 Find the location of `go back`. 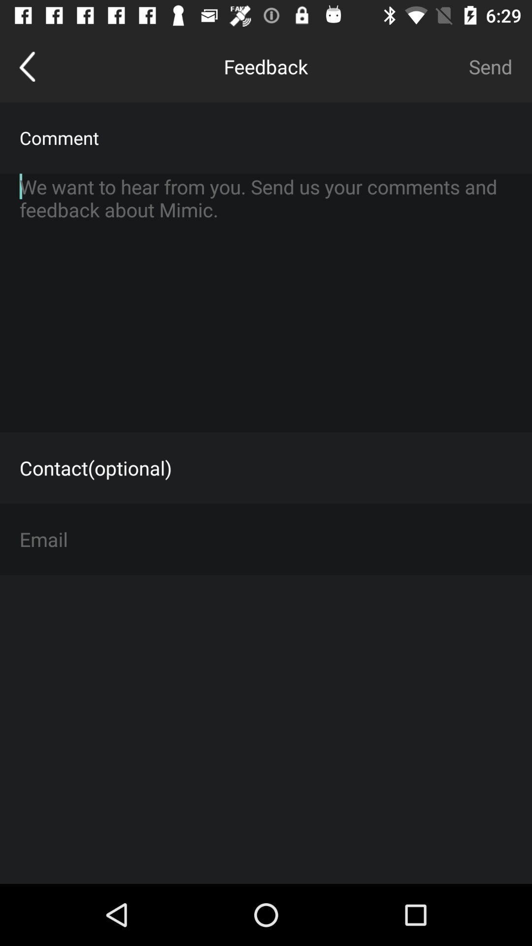

go back is located at coordinates (27, 66).